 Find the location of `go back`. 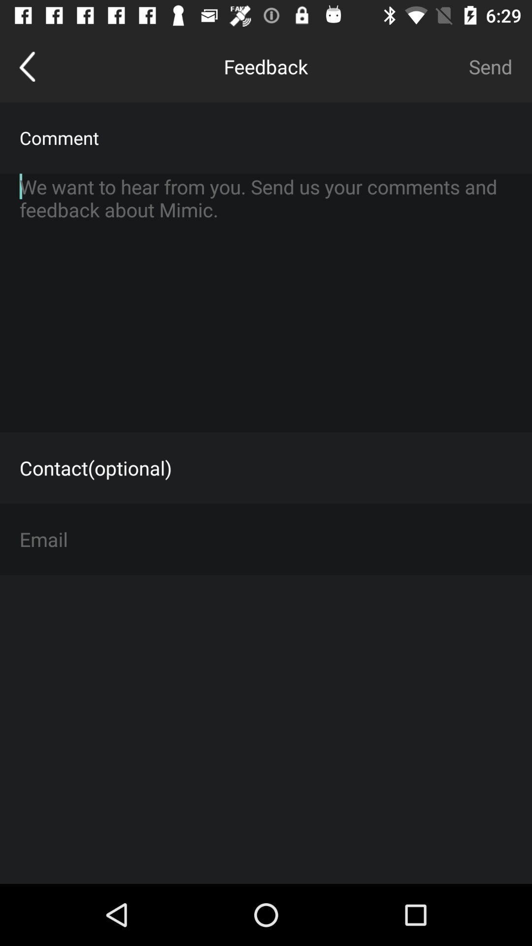

go back is located at coordinates (27, 66).